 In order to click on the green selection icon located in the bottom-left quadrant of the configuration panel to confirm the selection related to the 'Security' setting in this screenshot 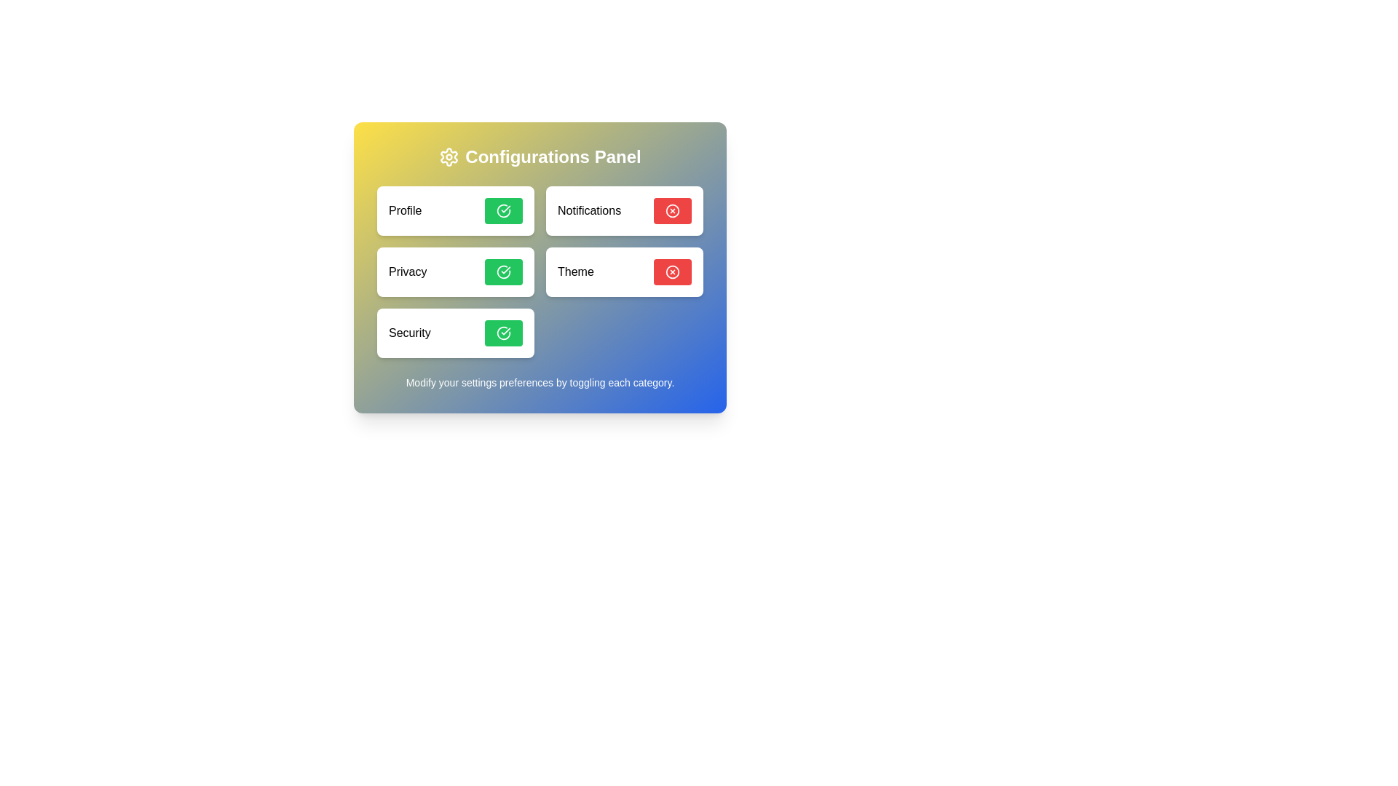, I will do `click(503, 333)`.